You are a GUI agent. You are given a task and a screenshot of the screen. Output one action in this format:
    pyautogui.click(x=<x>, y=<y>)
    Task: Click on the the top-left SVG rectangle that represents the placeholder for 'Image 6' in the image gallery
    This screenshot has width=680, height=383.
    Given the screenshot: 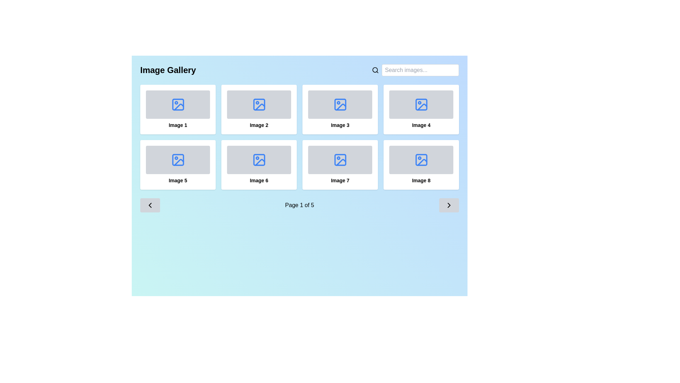 What is the action you would take?
    pyautogui.click(x=259, y=160)
    